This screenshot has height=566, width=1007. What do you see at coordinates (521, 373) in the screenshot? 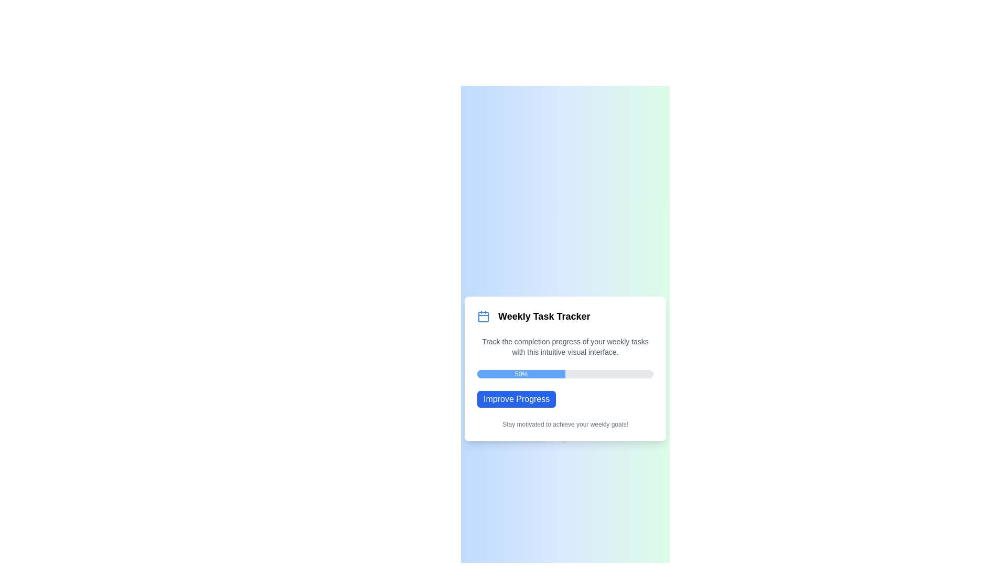
I see `the Progress Bar Segment displaying '50%' with a blue background` at bounding box center [521, 373].